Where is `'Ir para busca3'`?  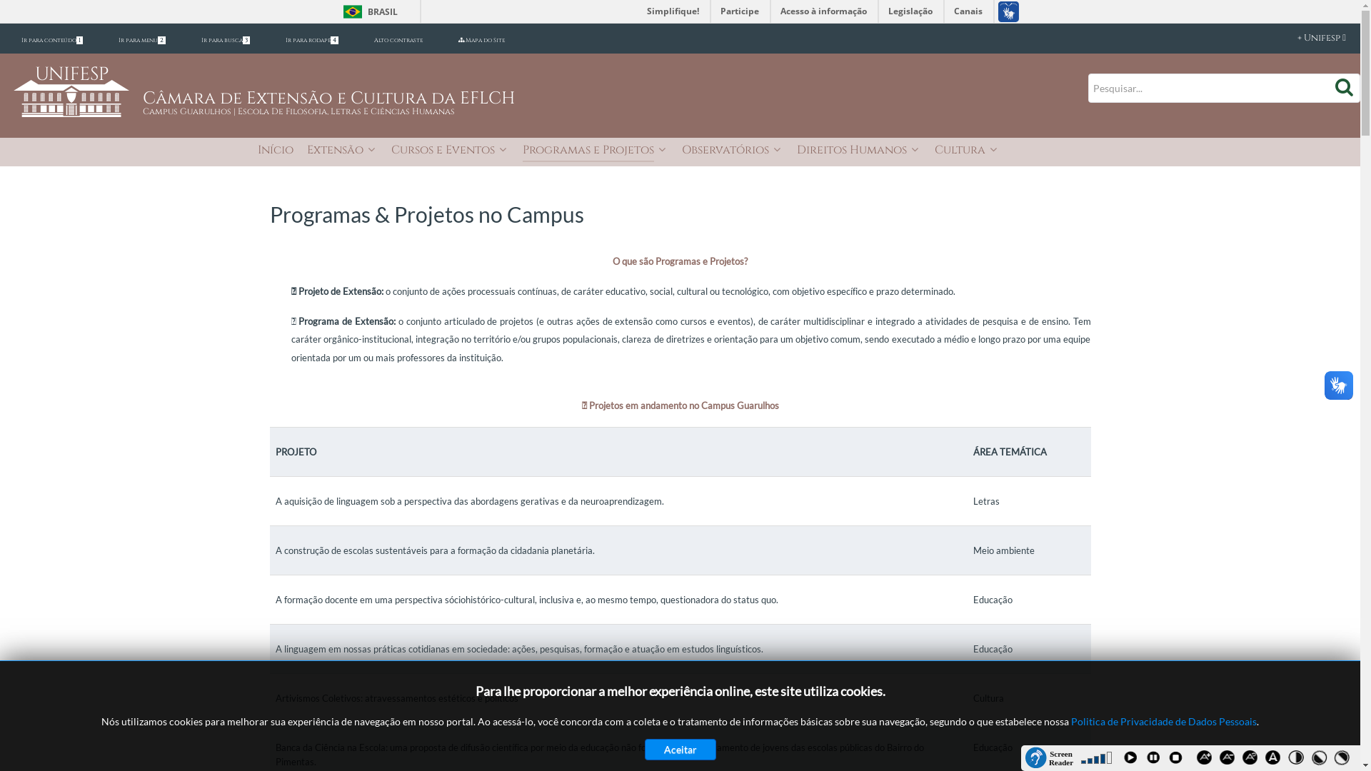
'Ir para busca3' is located at coordinates (225, 39).